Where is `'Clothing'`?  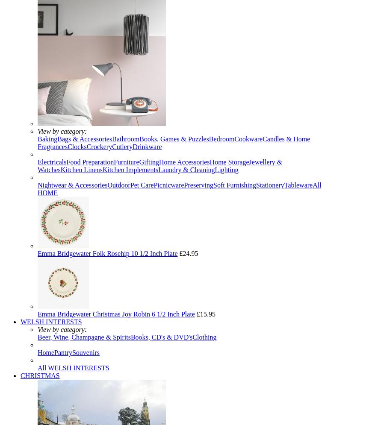
'Clothing' is located at coordinates (192, 337).